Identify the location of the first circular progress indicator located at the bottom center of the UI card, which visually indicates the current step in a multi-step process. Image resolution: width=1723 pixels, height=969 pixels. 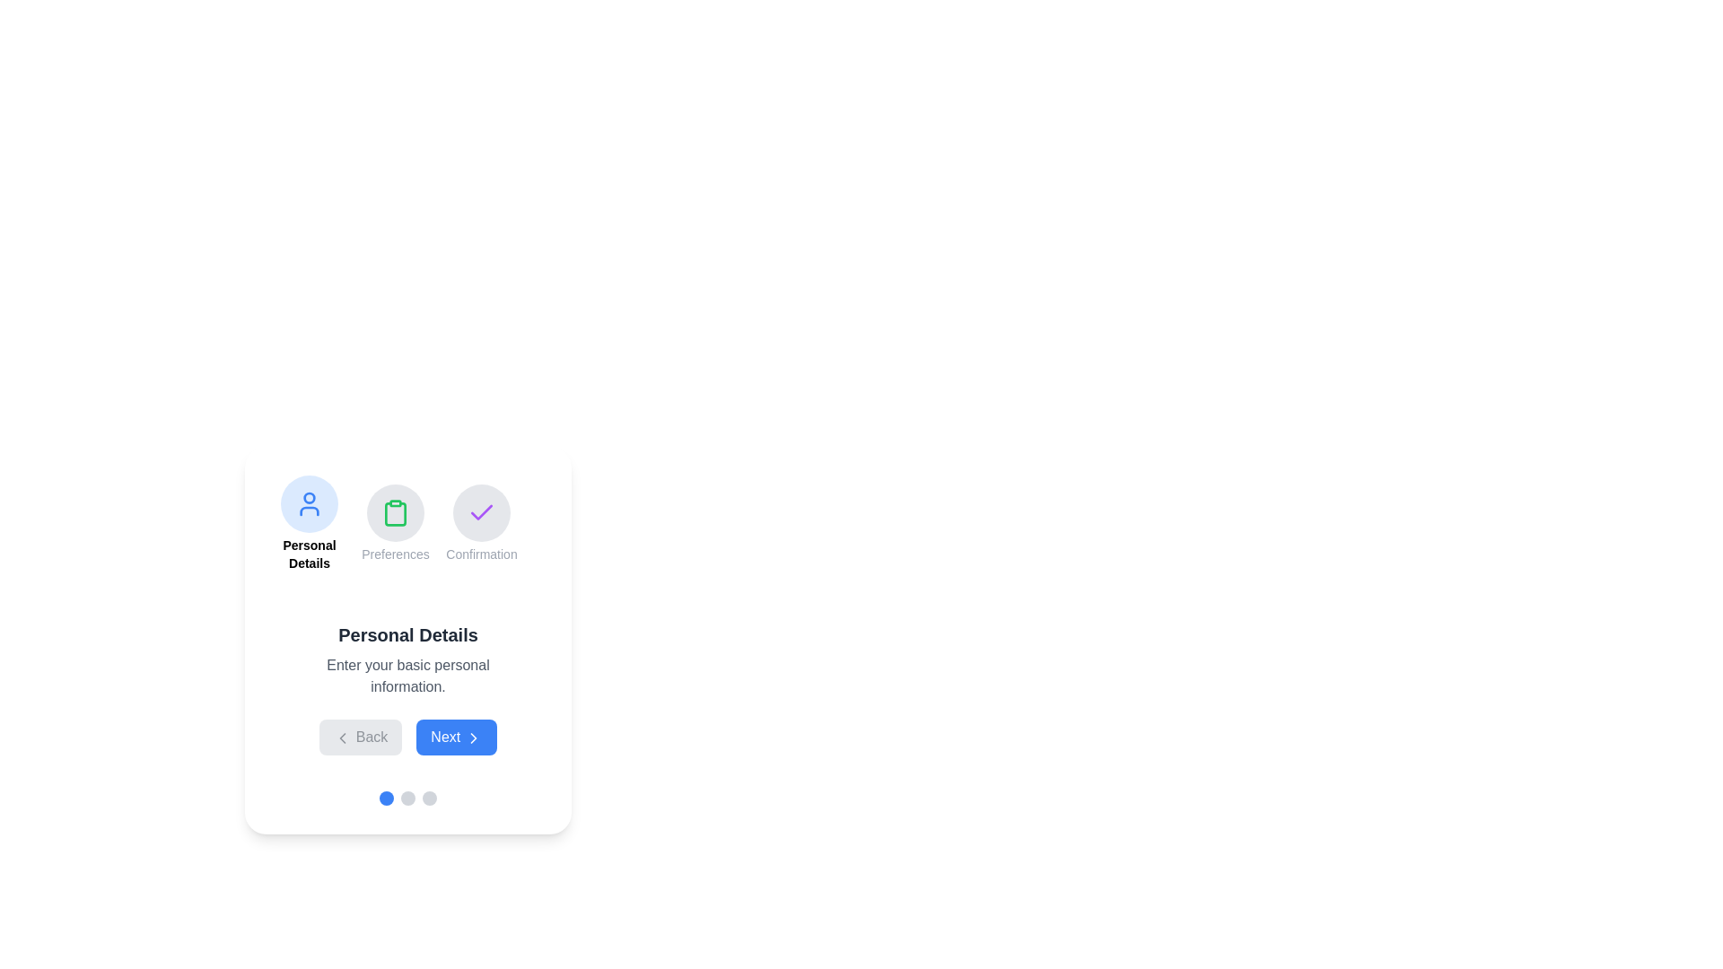
(386, 798).